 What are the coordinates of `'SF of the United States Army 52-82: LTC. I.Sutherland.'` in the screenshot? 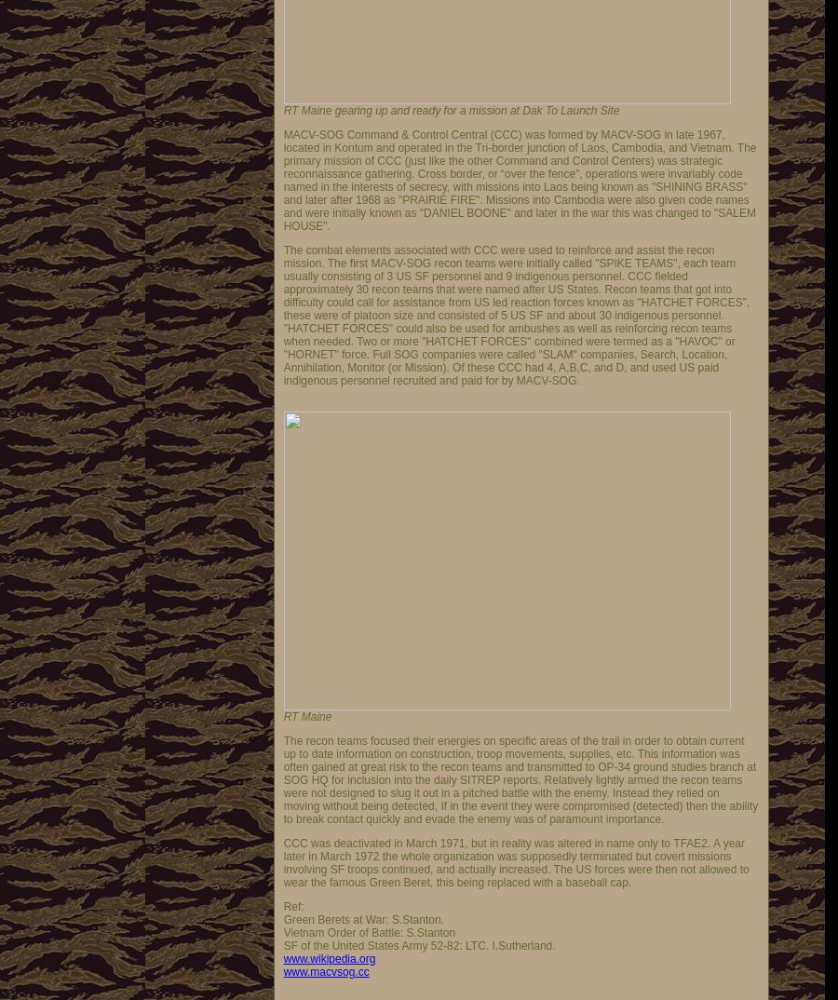 It's located at (419, 945).